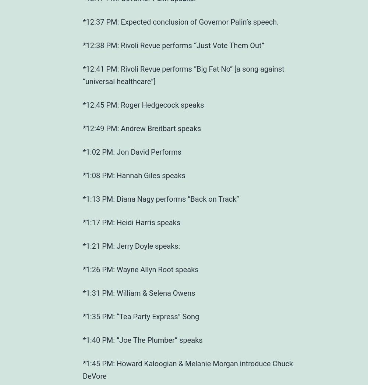  I want to click on '*12:49 PM: Andrew Breitbart speaks', so click(142, 128).